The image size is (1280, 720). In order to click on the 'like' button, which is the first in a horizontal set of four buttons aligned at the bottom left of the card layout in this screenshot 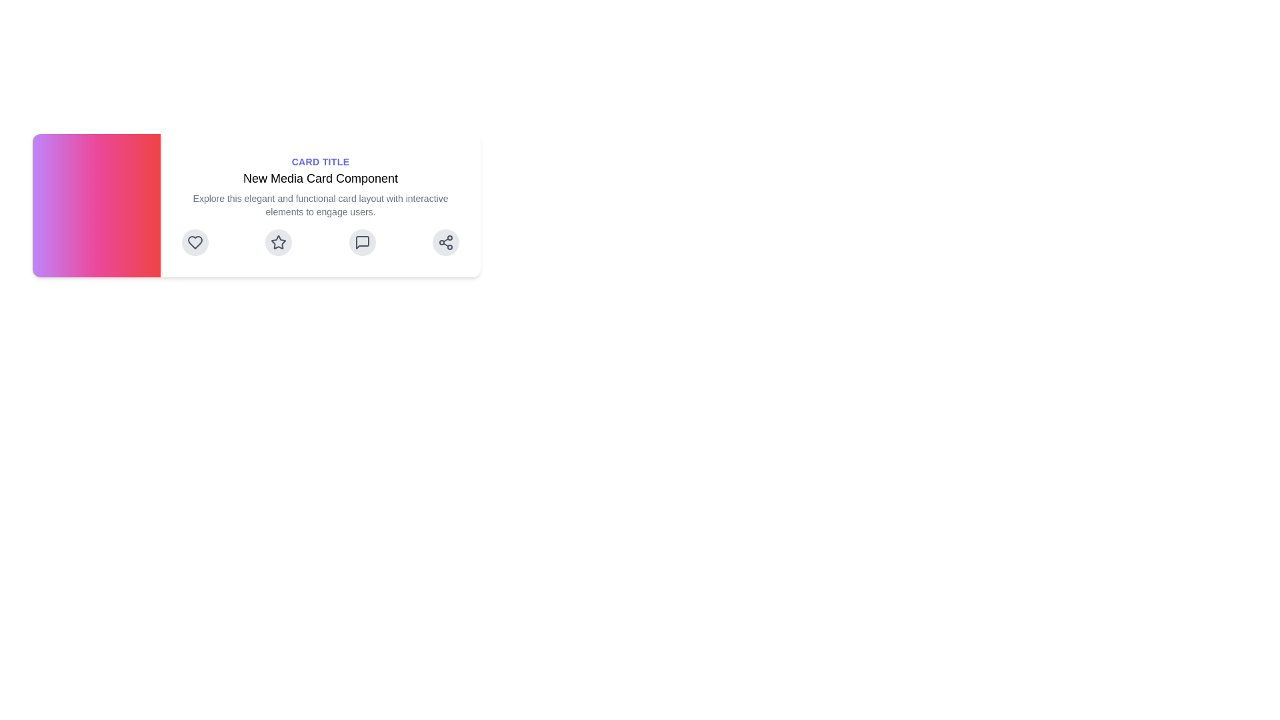, I will do `click(194, 242)`.